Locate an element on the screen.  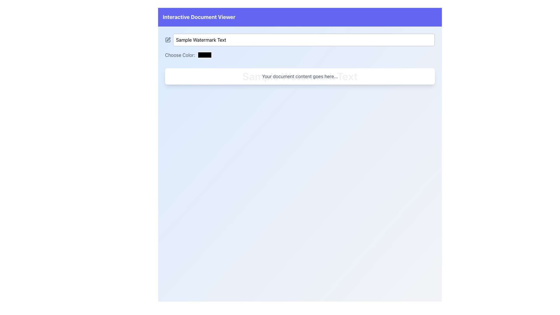
the small gray square icon with a pen symbol, located to the left of the input field labeled 'Sample Watermark Text.' is located at coordinates (167, 40).